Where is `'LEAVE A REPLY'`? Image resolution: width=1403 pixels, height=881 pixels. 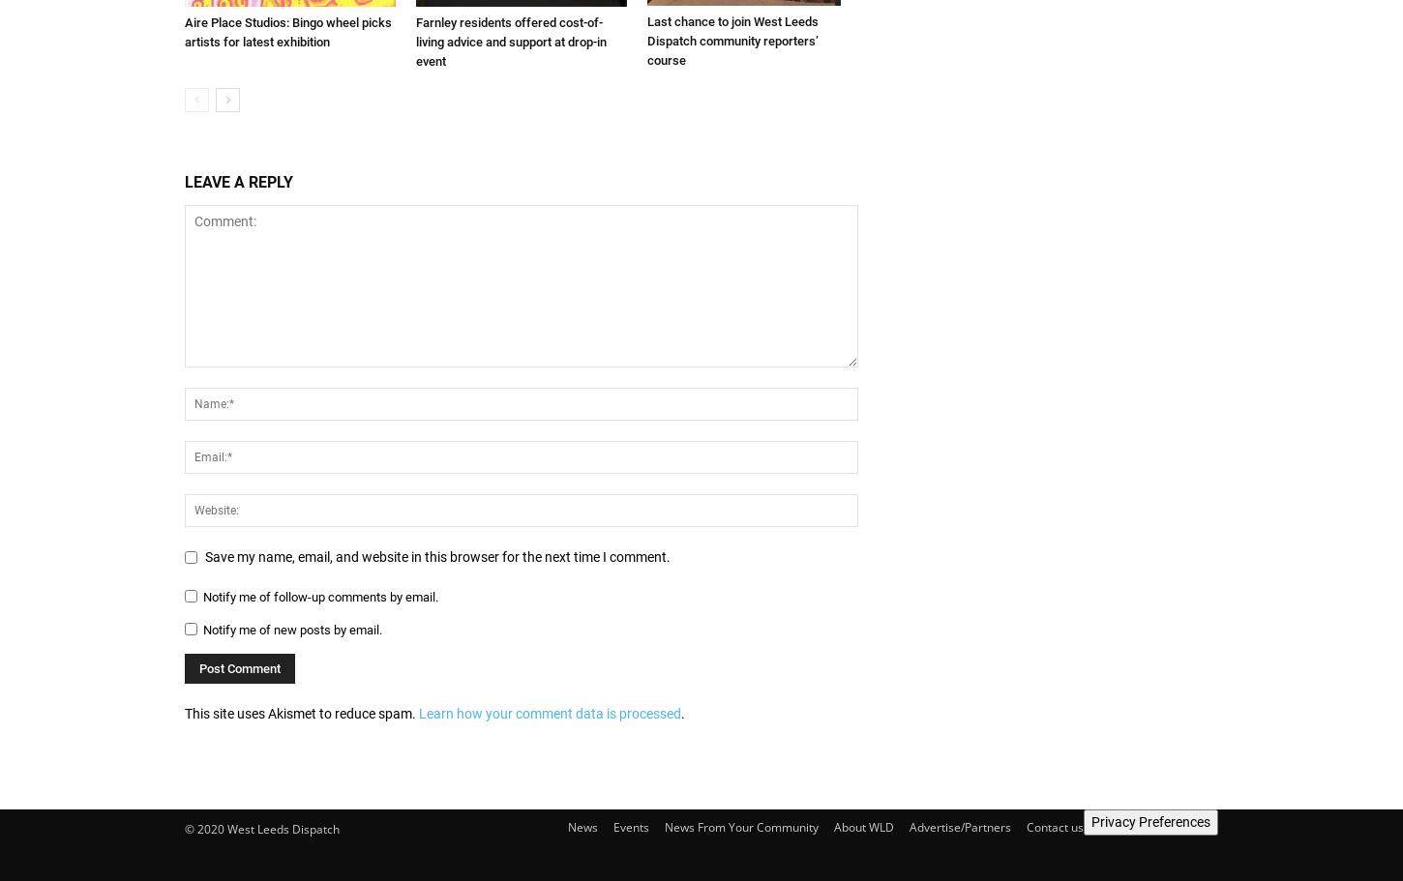
'LEAVE A REPLY' is located at coordinates (183, 180).